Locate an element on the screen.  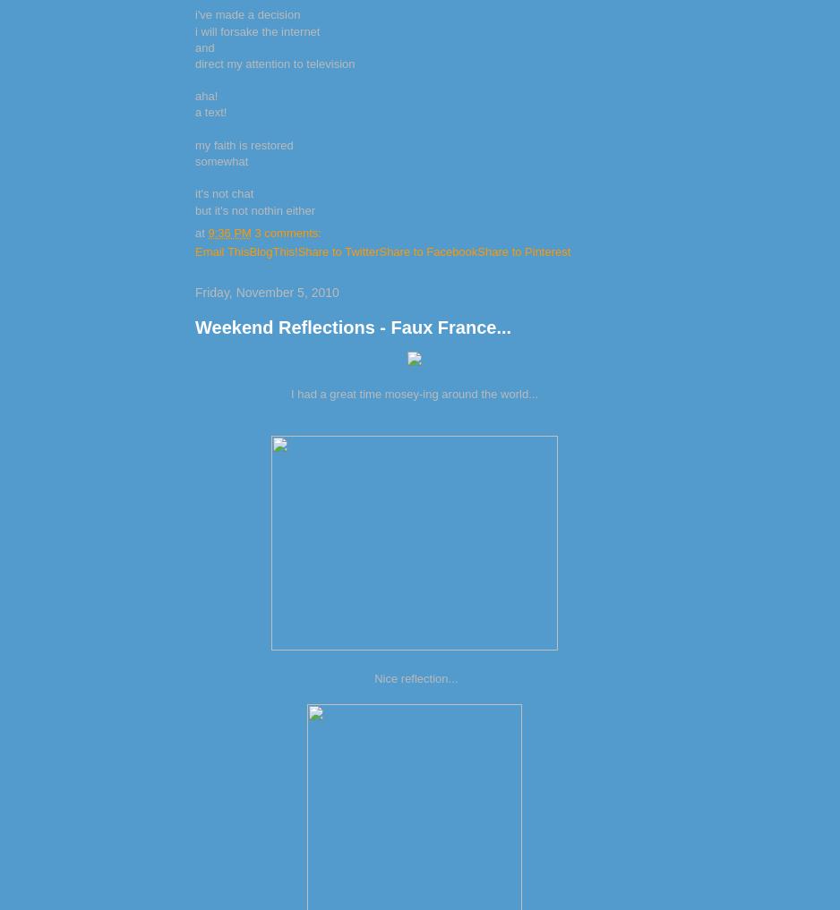
'Weekend Reflections - Faux France...' is located at coordinates (352, 326).